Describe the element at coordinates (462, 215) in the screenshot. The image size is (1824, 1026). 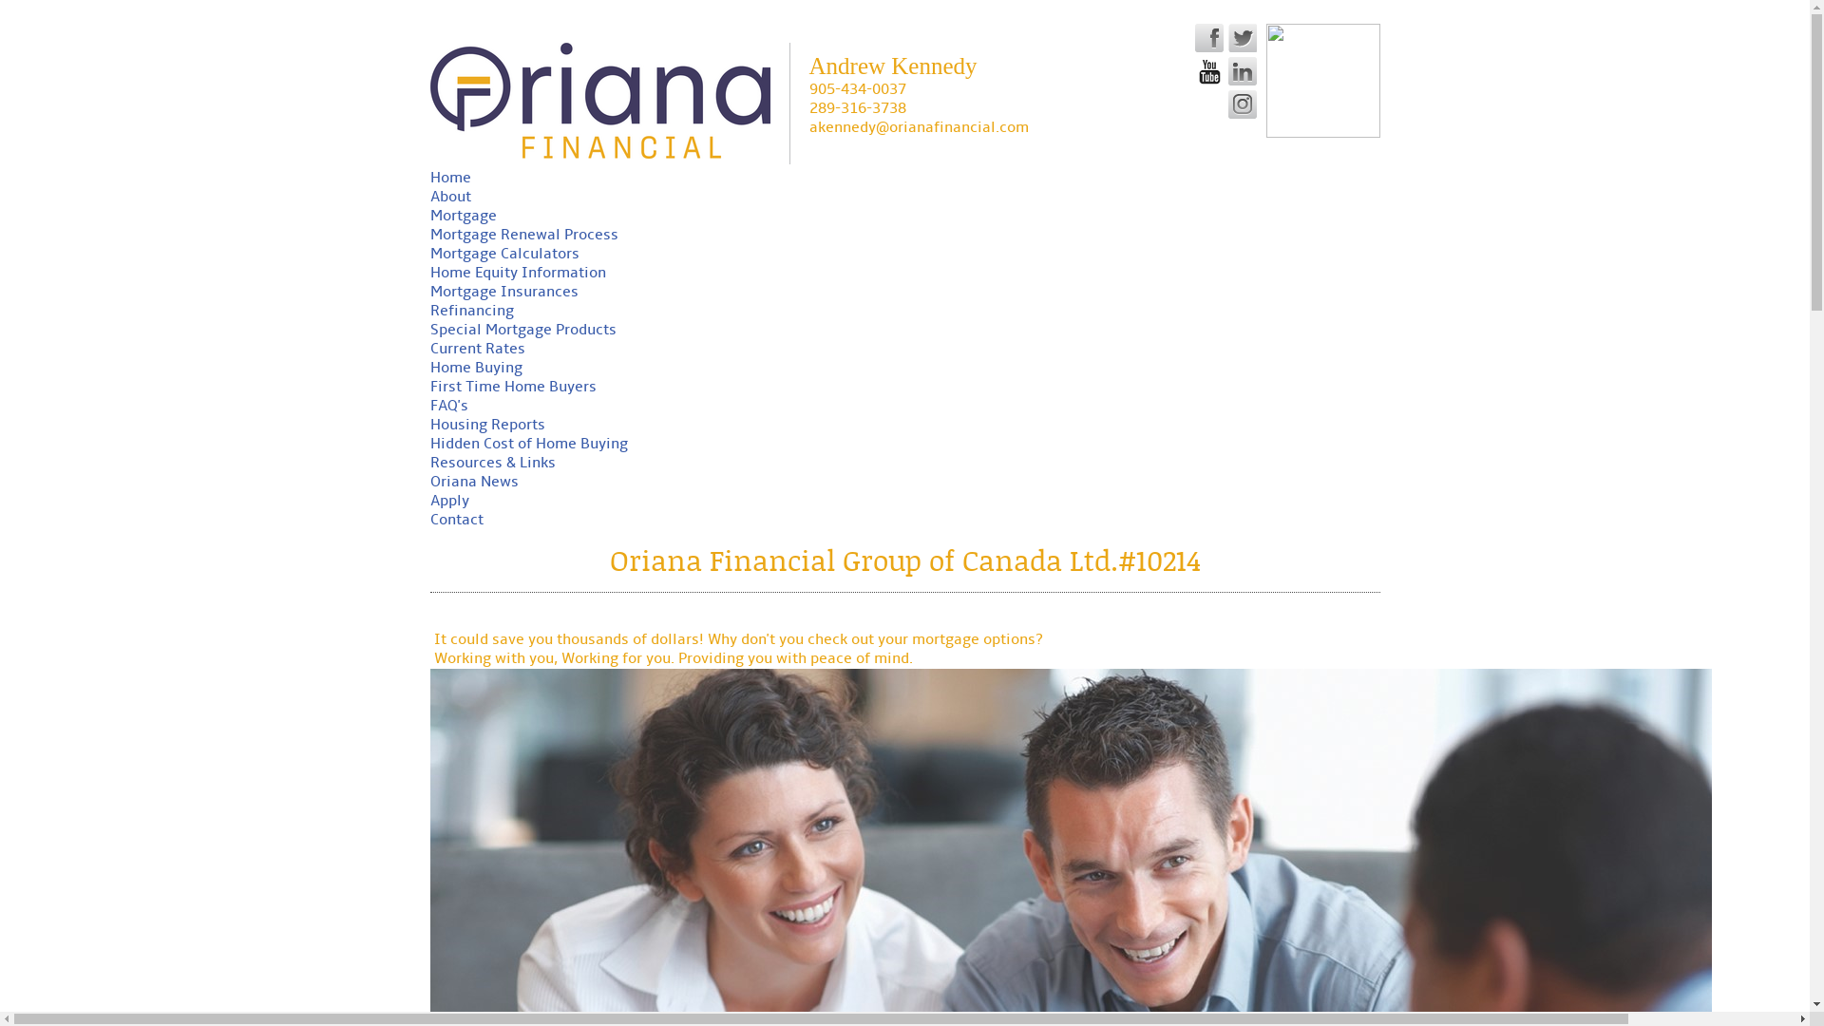
I see `'Mortgage'` at that location.